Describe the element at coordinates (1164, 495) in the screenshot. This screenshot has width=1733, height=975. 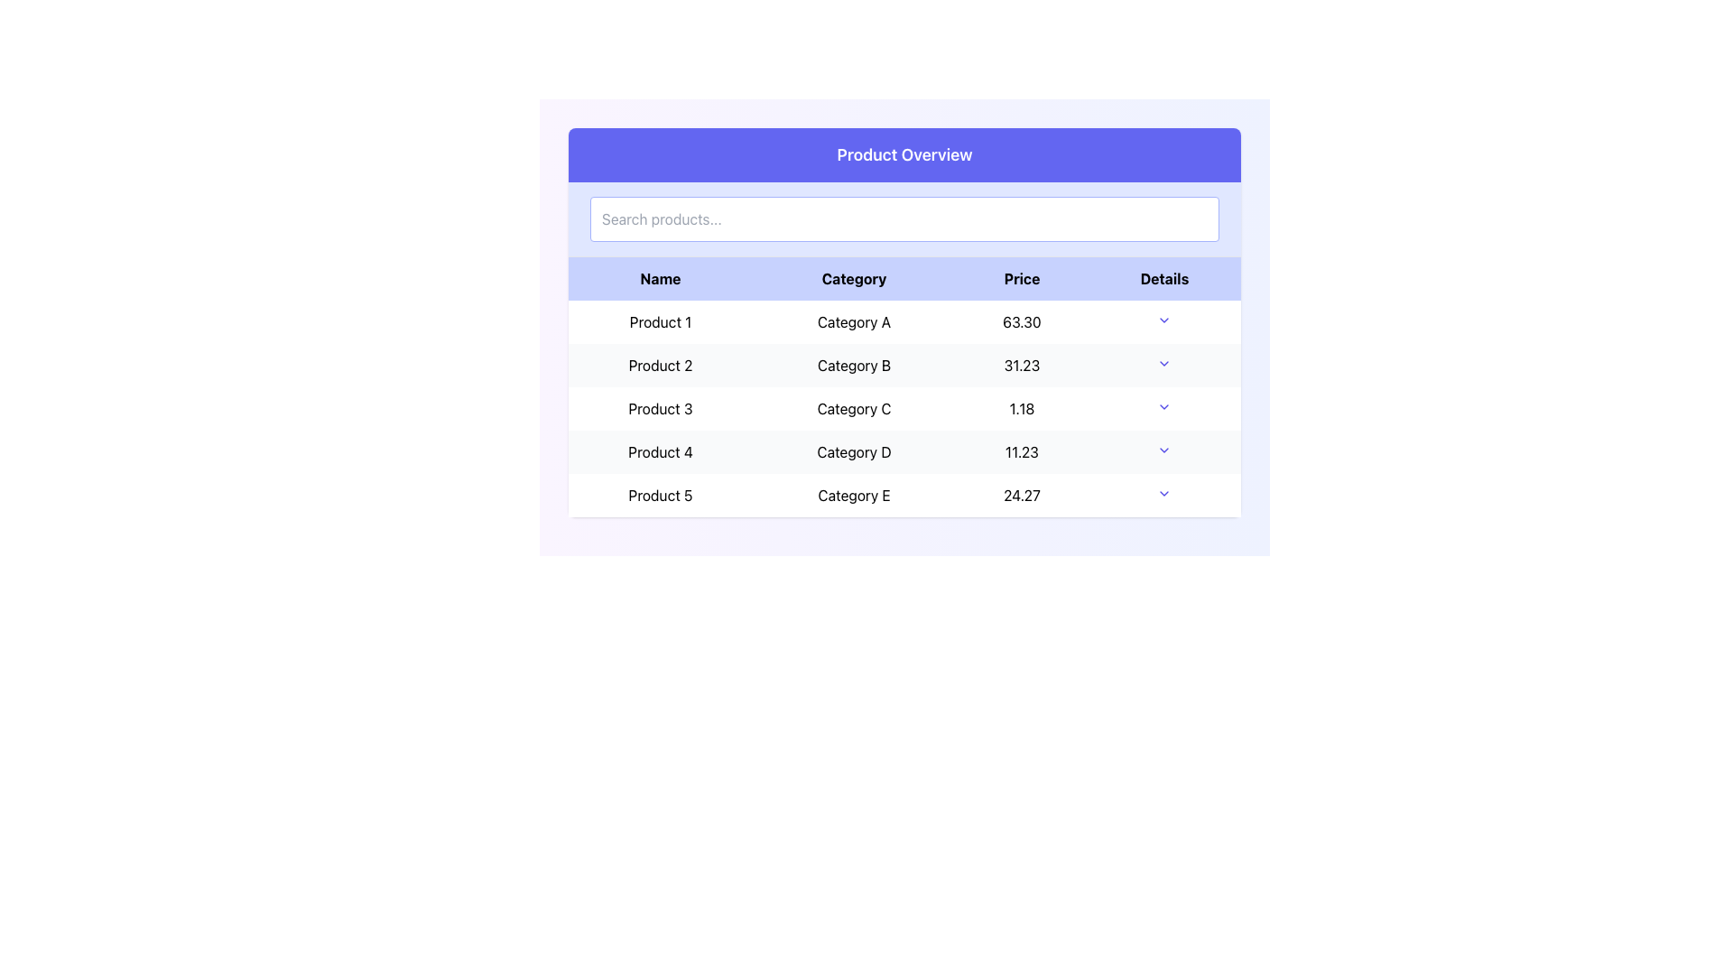
I see `the small indigo downward-pointing arrow icon located at the end of the row for 'Product 5' in the 'Details' column` at that location.